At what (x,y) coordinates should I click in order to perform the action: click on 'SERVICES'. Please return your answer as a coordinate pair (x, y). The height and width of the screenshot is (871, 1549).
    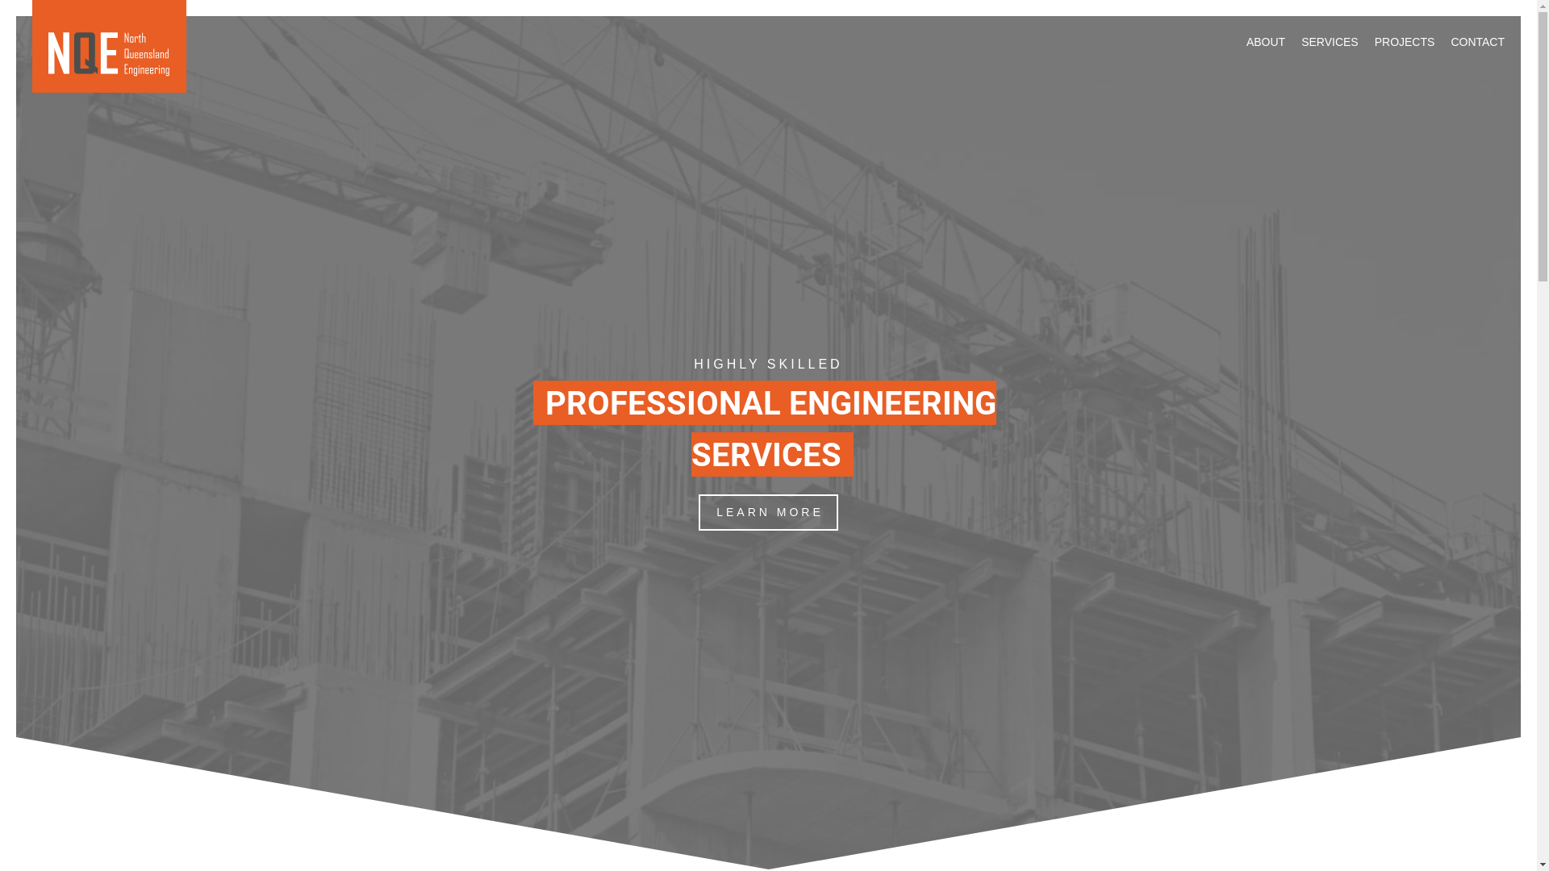
    Looking at the image, I should click on (1330, 40).